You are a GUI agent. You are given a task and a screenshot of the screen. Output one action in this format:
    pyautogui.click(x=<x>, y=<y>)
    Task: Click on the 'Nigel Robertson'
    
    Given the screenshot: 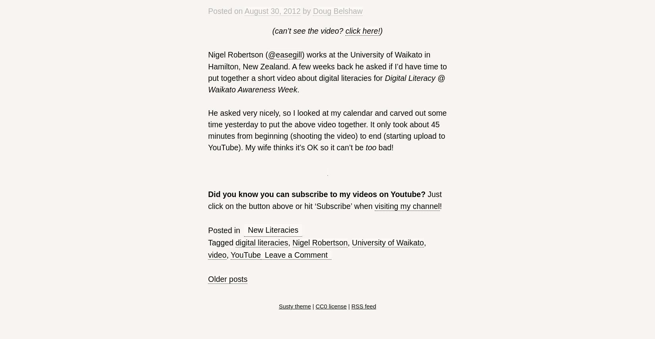 What is the action you would take?
    pyautogui.click(x=292, y=243)
    